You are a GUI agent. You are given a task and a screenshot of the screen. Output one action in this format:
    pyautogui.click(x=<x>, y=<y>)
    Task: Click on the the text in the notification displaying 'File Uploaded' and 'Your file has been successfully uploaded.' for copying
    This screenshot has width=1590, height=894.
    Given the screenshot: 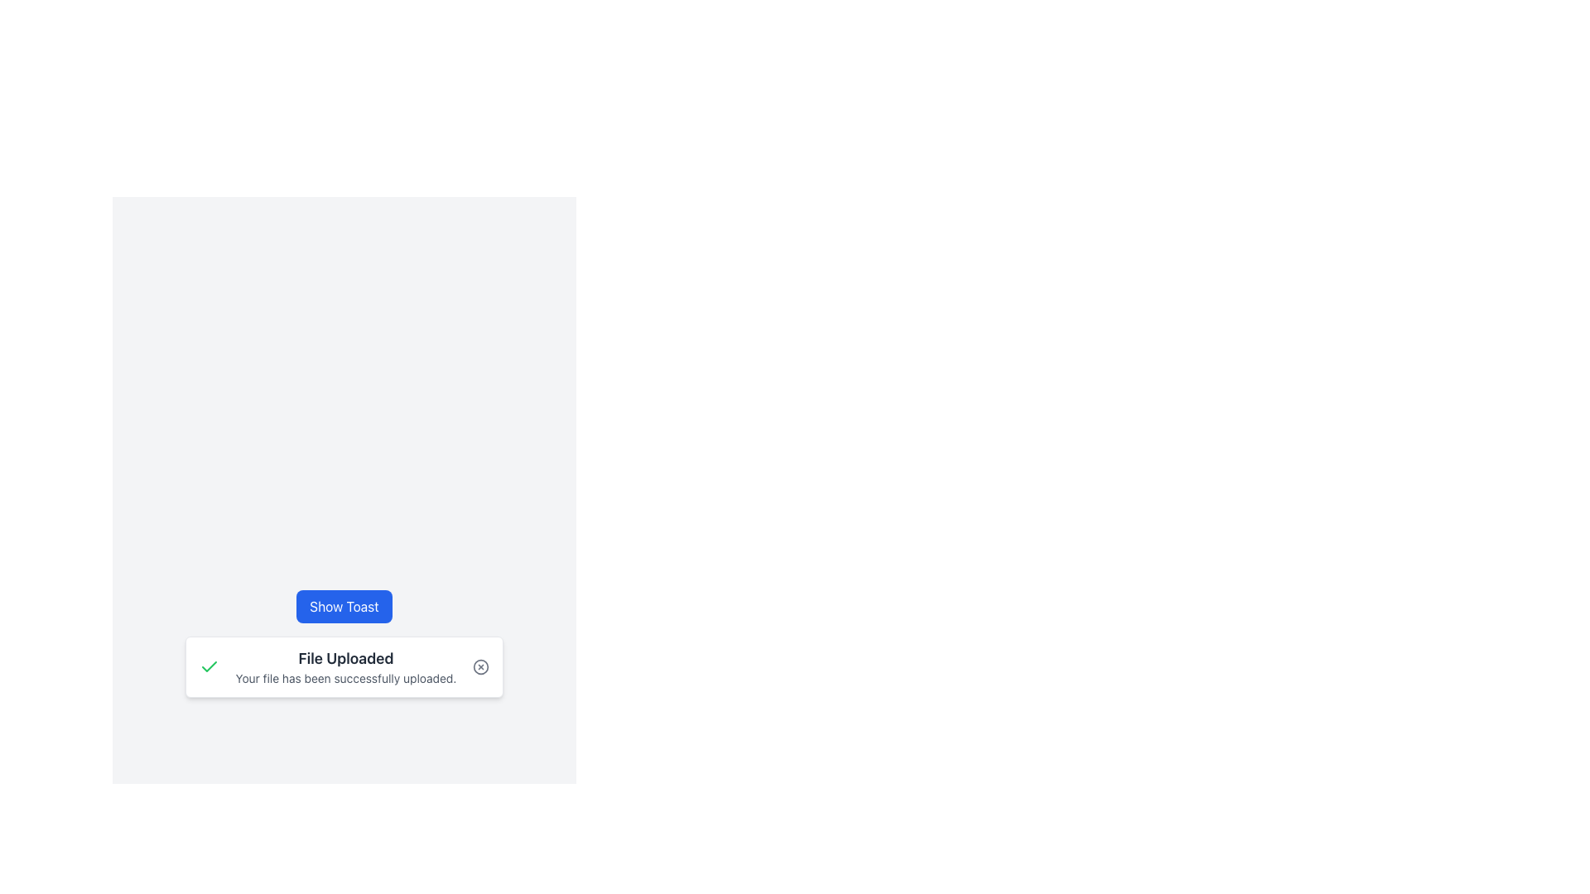 What is the action you would take?
    pyautogui.click(x=344, y=666)
    